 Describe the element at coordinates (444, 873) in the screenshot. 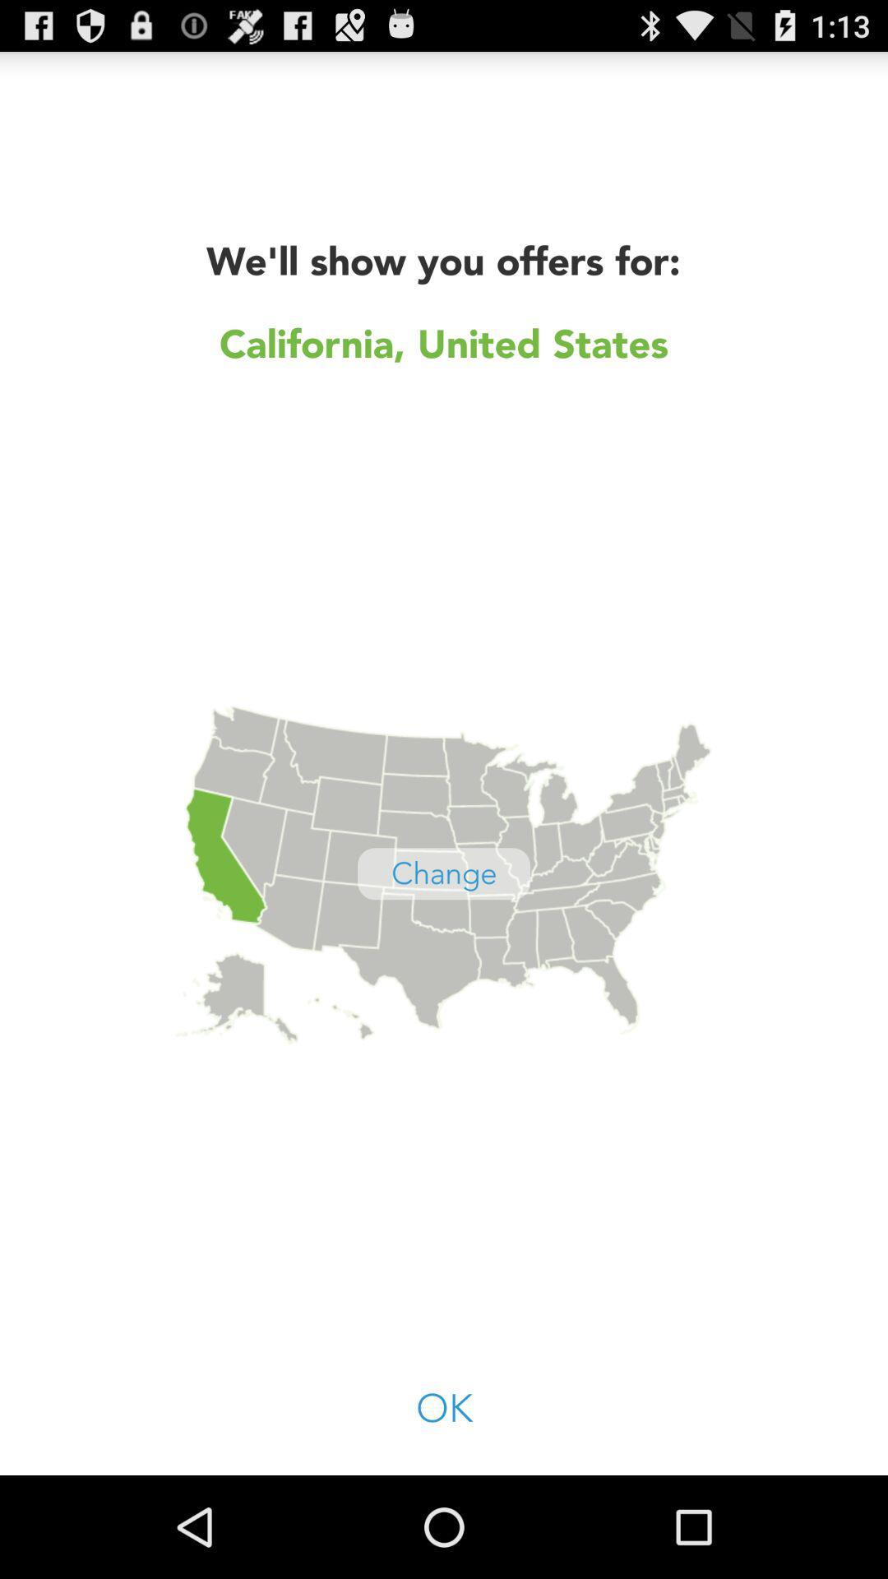

I see `the button above ok icon` at that location.